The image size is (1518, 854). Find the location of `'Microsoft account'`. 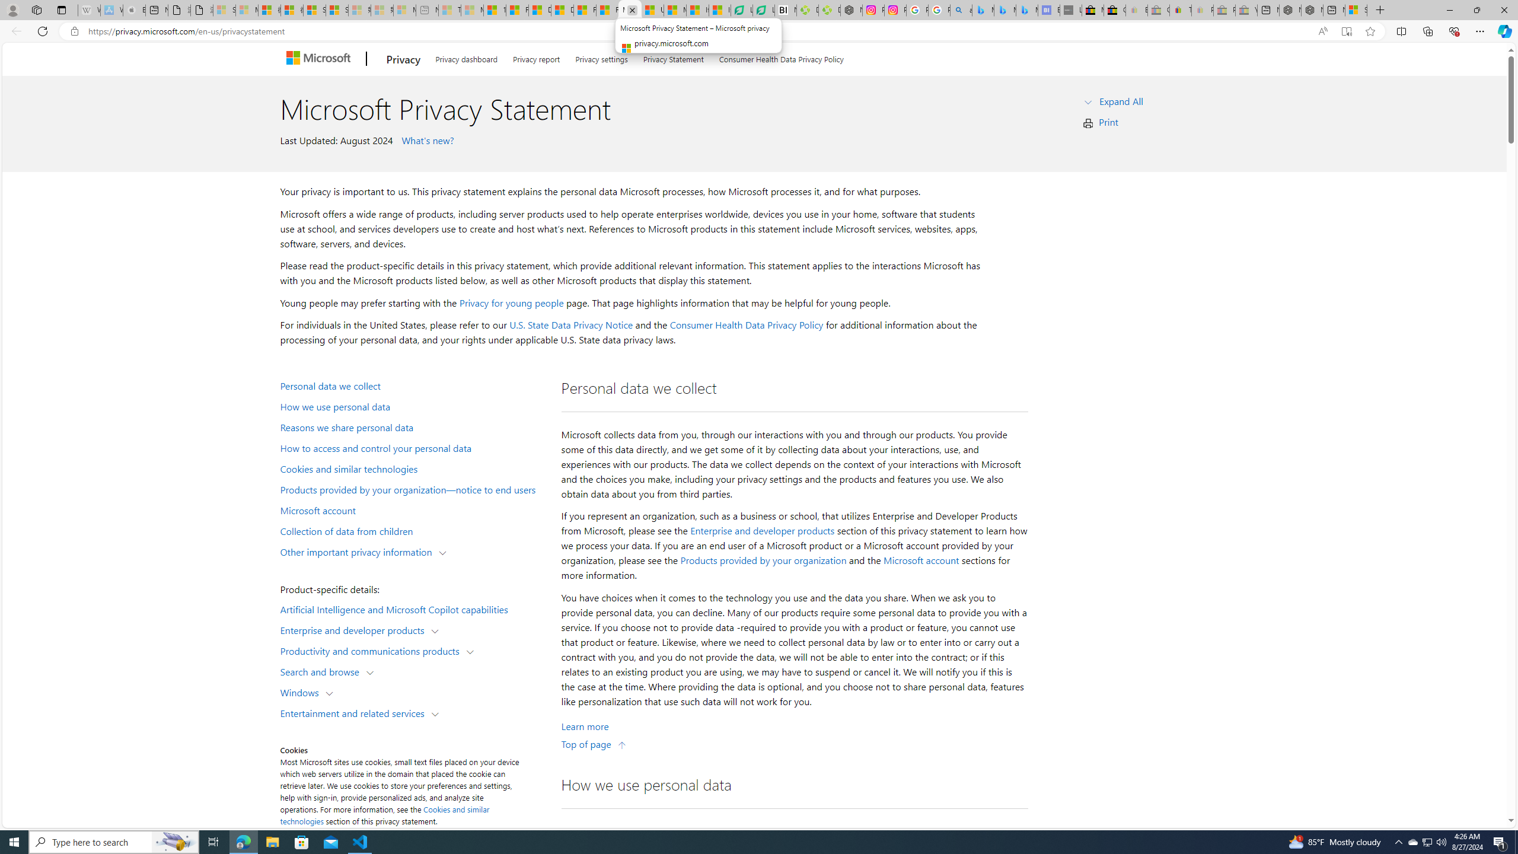

'Microsoft account' is located at coordinates (921, 560).